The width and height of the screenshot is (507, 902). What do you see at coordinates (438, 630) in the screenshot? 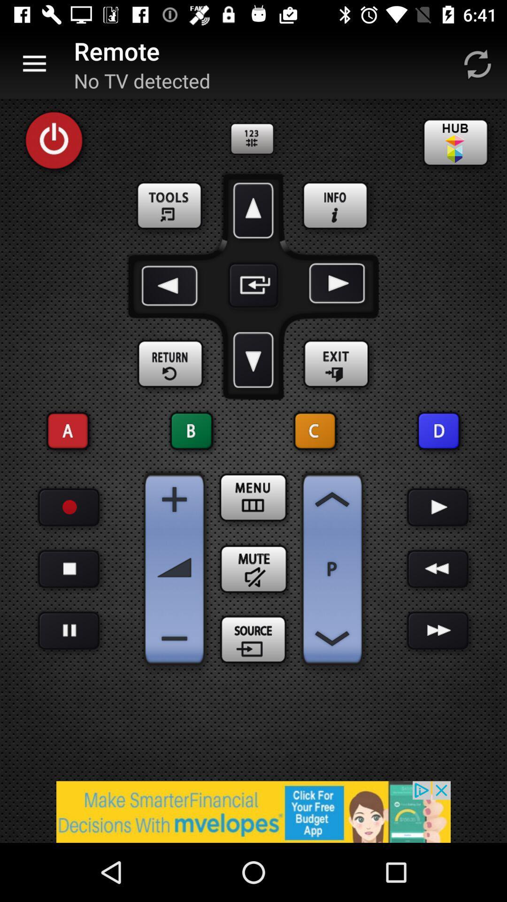
I see `the av_forward icon` at bounding box center [438, 630].